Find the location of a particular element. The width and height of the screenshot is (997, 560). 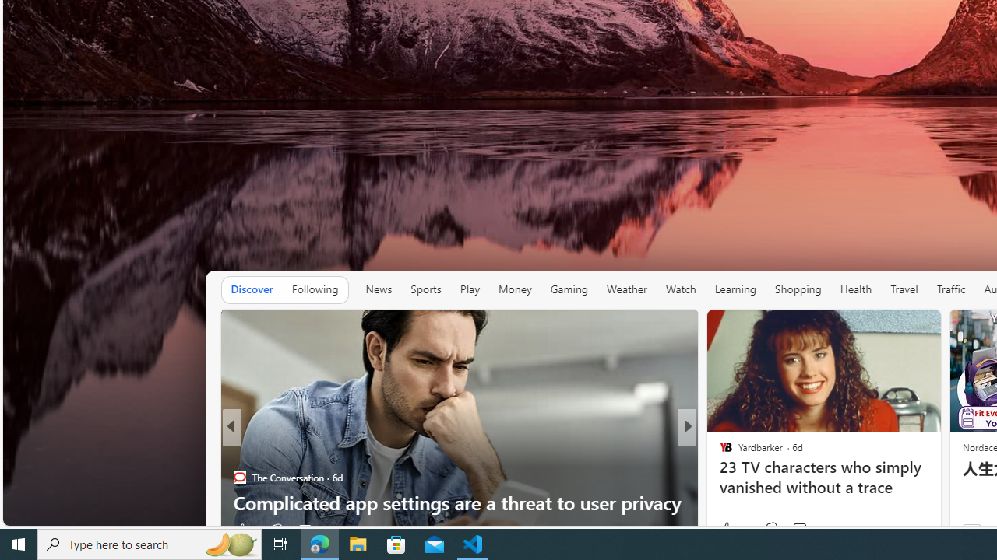

'Yardbarker' is located at coordinates (718, 452).